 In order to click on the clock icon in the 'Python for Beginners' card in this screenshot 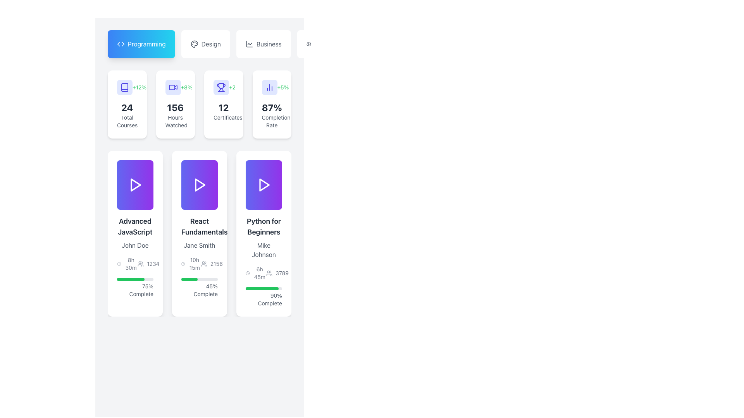, I will do `click(264, 272)`.